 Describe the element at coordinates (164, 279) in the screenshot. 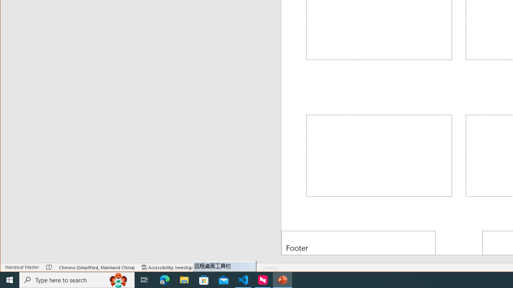

I see `'Microsoft Edge'` at that location.